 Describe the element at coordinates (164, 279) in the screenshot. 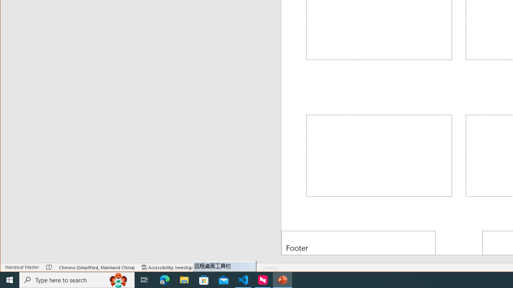

I see `'Microsoft Edge'` at that location.